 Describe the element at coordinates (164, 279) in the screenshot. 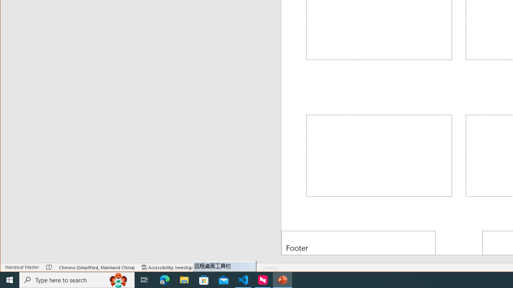

I see `'Microsoft Edge'` at that location.